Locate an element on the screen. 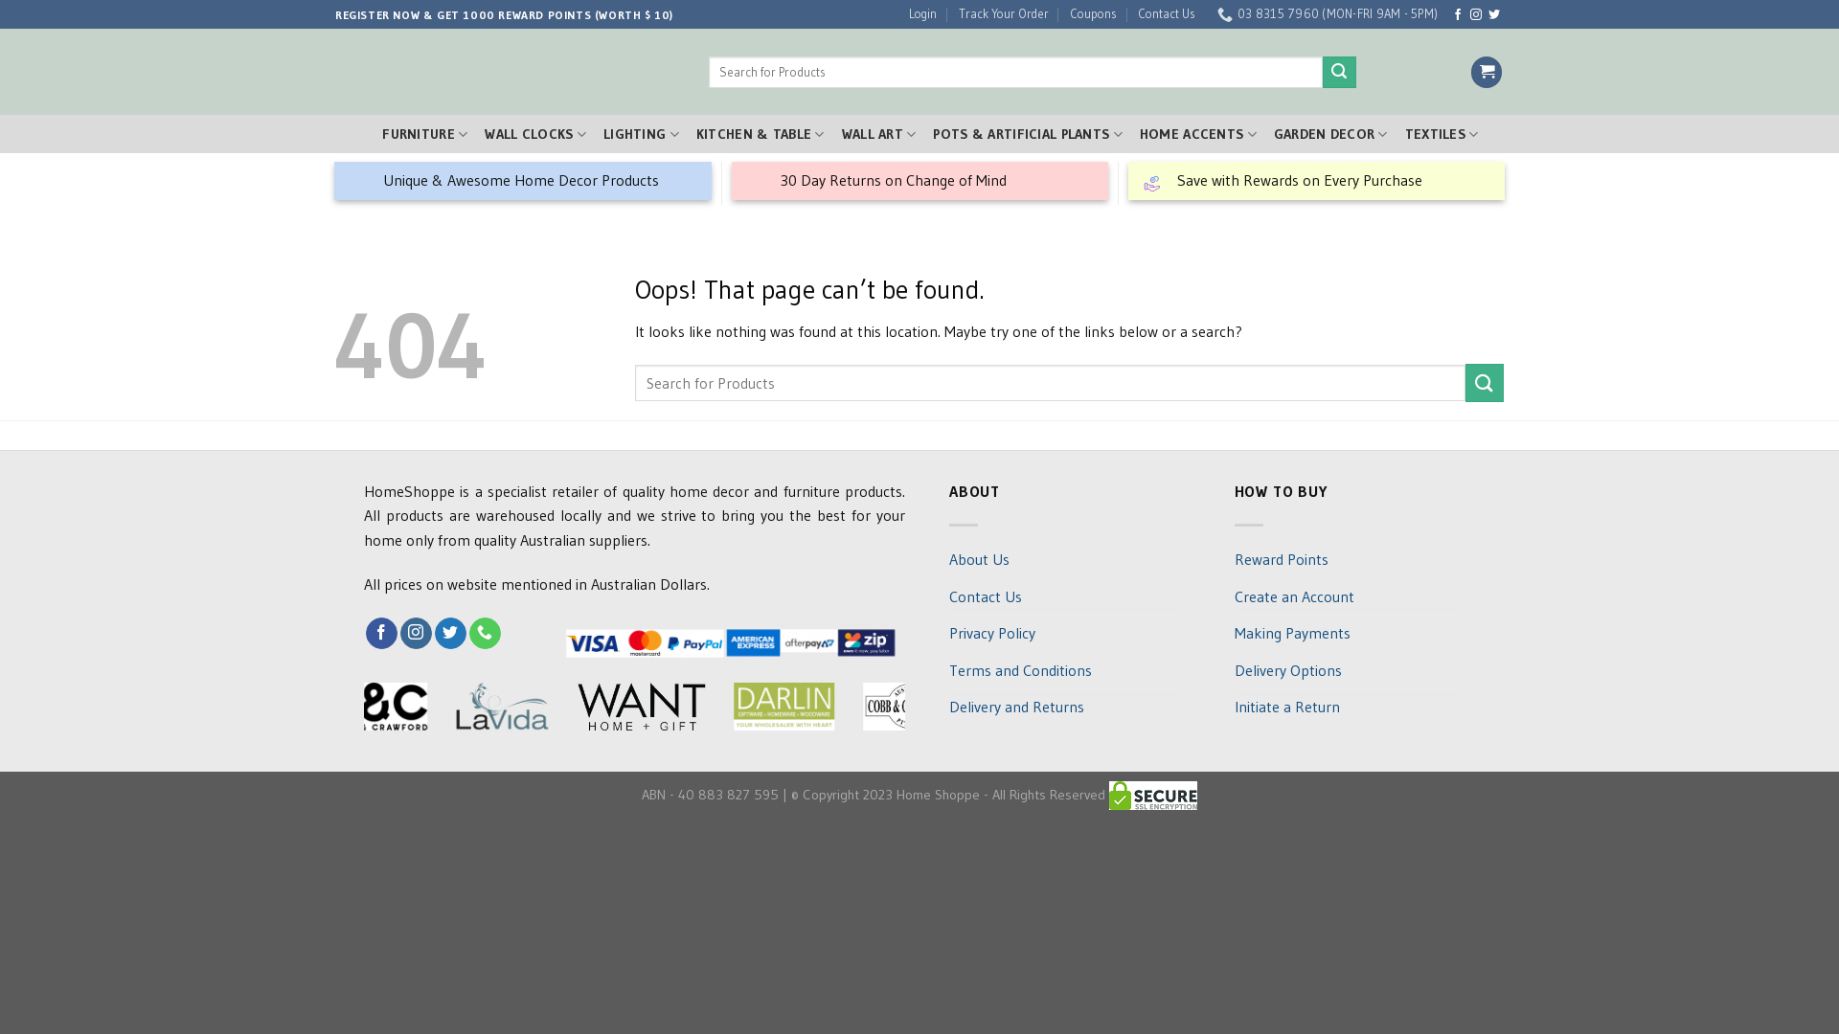 The height and width of the screenshot is (1034, 1839). 'Create an Account' is located at coordinates (1293, 596).